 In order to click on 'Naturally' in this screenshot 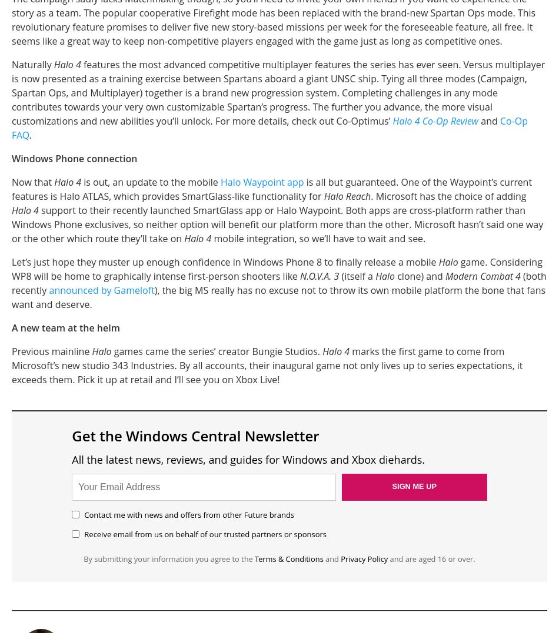, I will do `click(32, 63)`.